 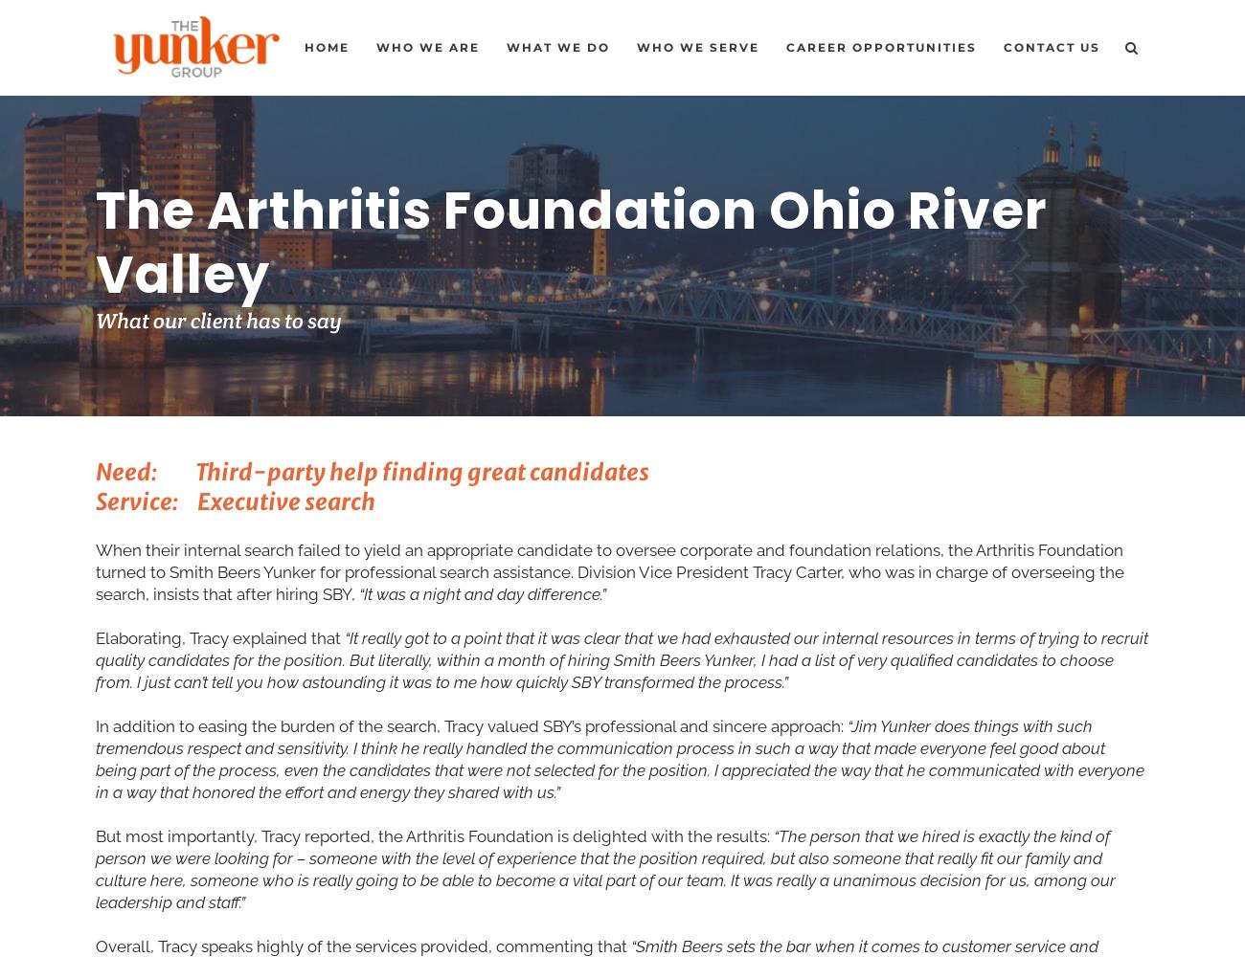 What do you see at coordinates (433, 835) in the screenshot?
I see `'But most importantly, Tracy reported, the Arthritis Foundation is delighted with the results:'` at bounding box center [433, 835].